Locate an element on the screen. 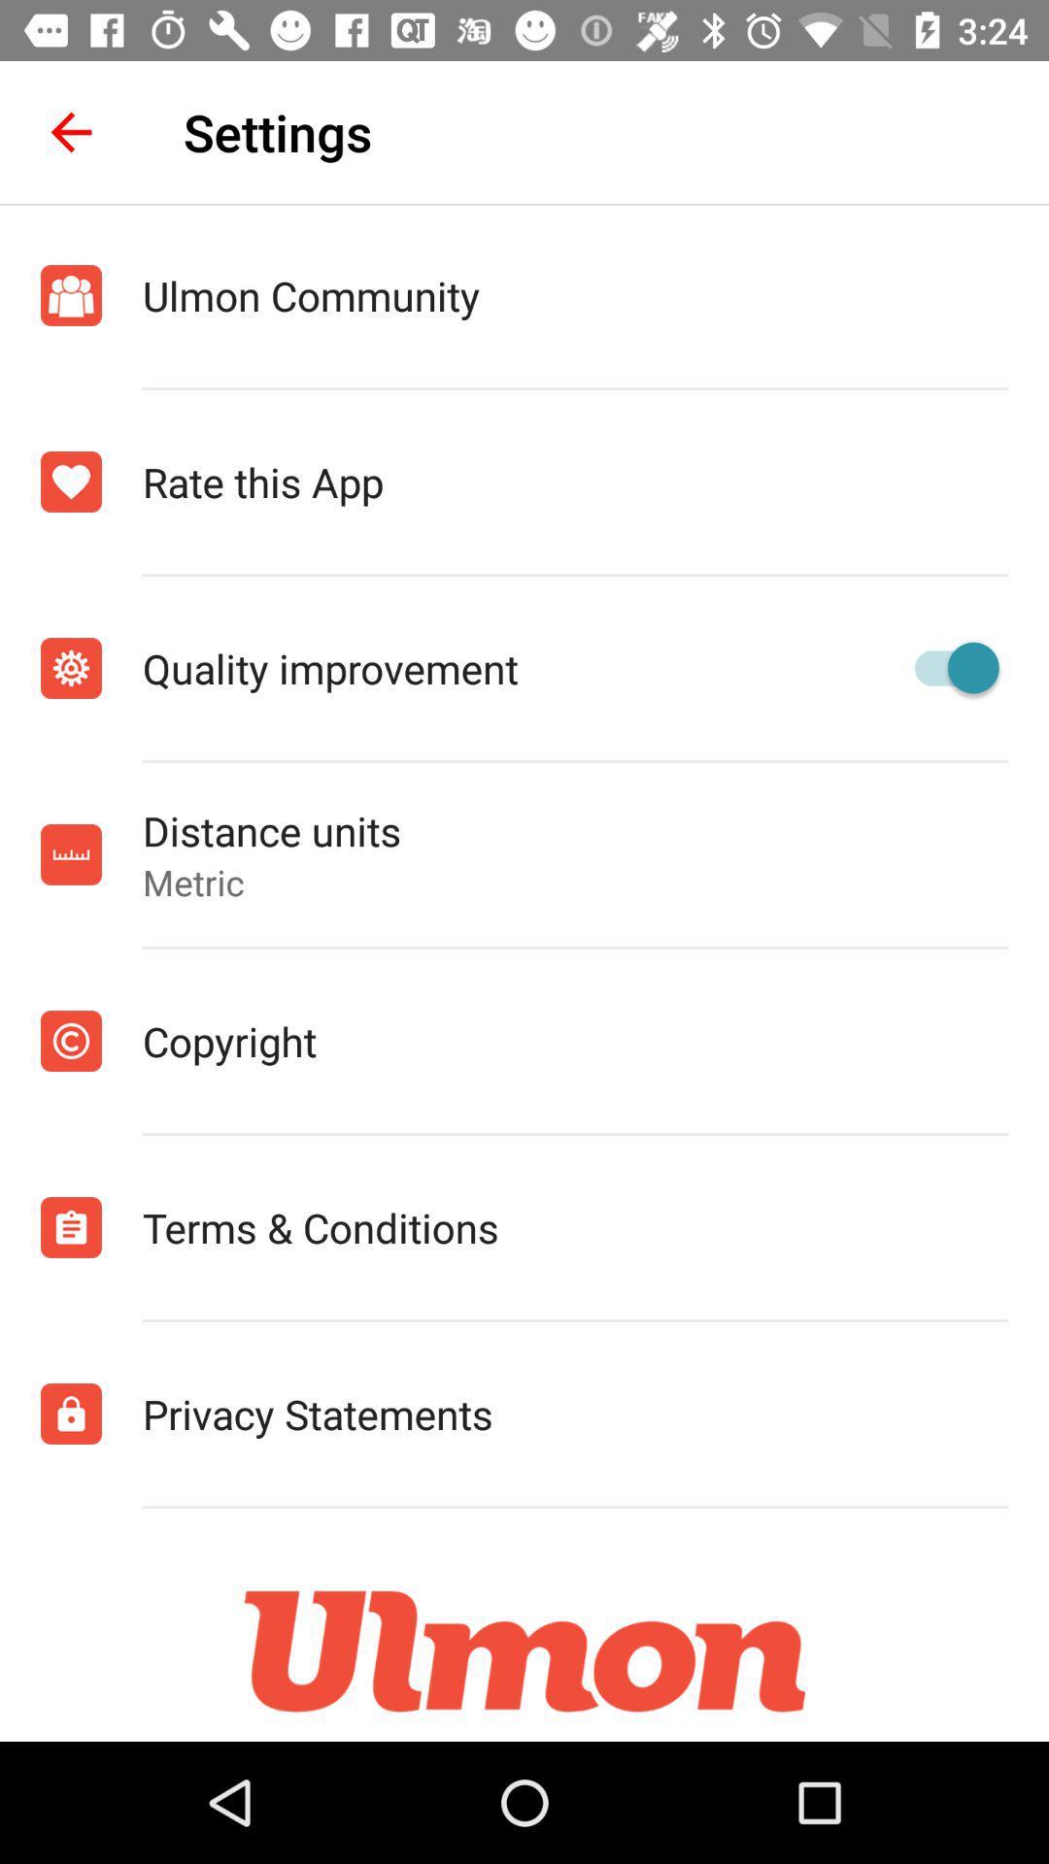 The height and width of the screenshot is (1864, 1049). item next to settings icon is located at coordinates (70, 131).